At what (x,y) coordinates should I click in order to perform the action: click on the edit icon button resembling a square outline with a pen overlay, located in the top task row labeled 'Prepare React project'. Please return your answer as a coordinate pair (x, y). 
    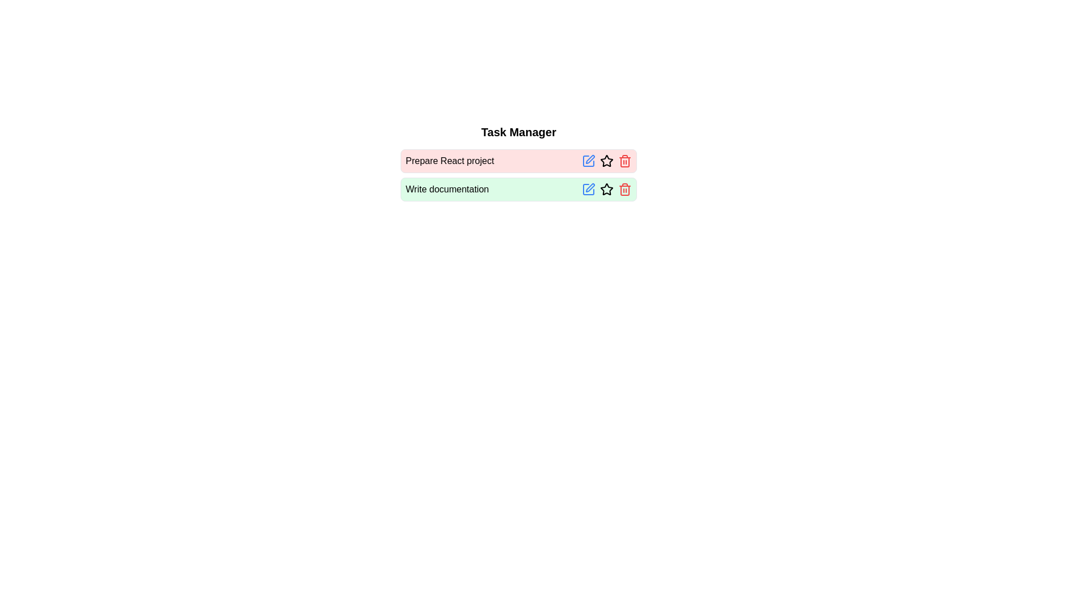
    Looking at the image, I should click on (589, 161).